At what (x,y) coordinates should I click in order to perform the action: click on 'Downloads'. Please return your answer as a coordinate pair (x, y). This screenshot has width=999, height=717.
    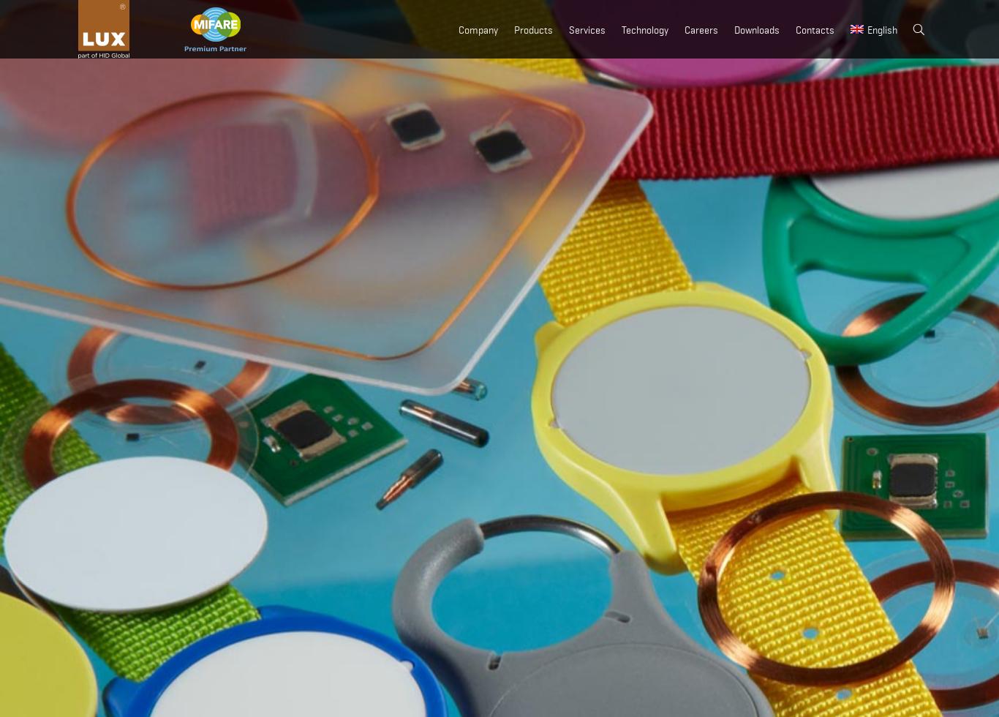
    Looking at the image, I should click on (756, 29).